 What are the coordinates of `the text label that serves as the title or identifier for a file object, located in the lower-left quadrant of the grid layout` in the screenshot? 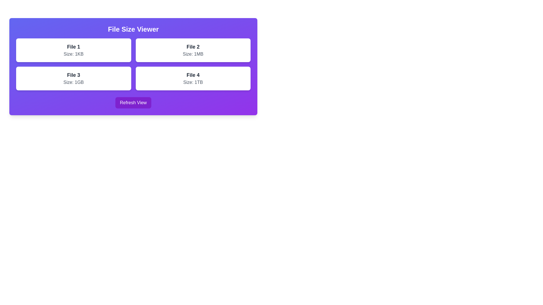 It's located at (73, 75).